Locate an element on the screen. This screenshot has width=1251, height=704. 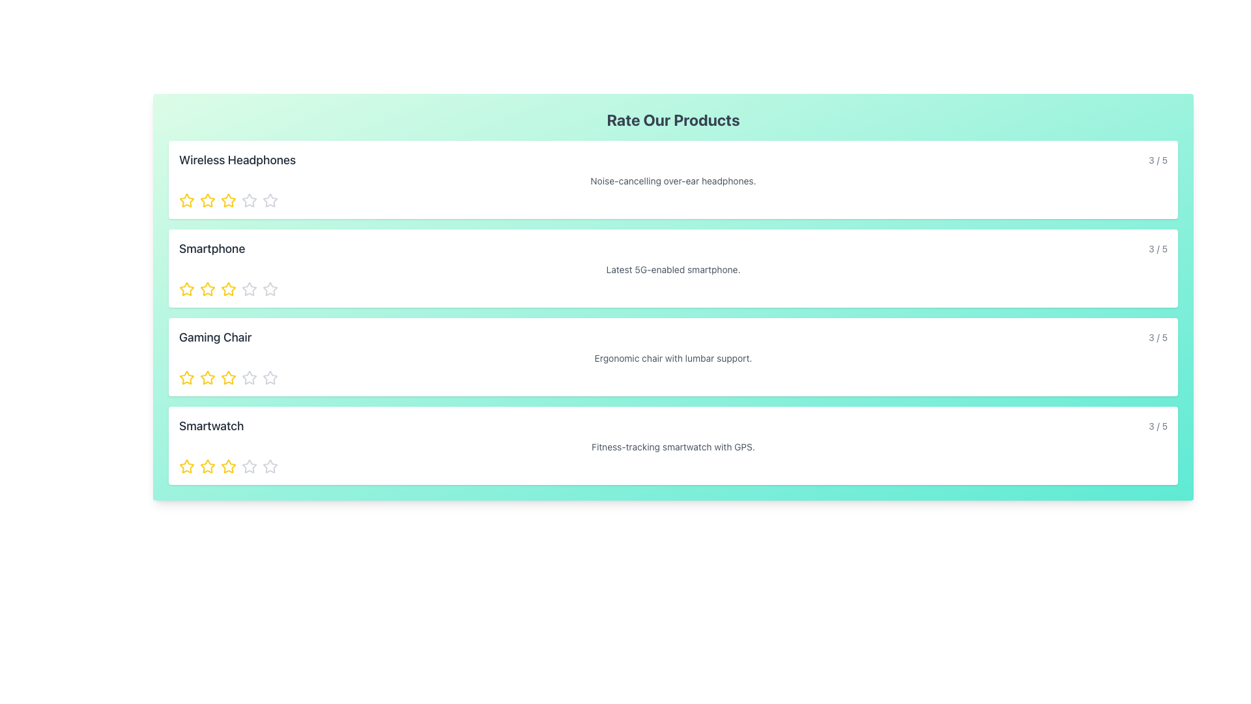
the second star in the fifth row of the rating component is located at coordinates (228, 465).